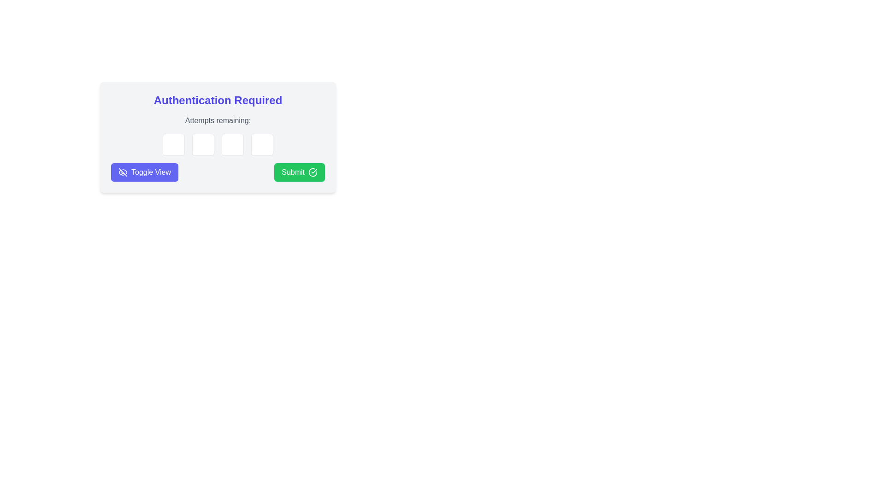 Image resolution: width=885 pixels, height=498 pixels. Describe the element at coordinates (123, 172) in the screenshot. I see `the eye icon with a slash through it, which is located to the left of the 'Toggle View' button at the bottom-left corner of the central card-like interface` at that location.